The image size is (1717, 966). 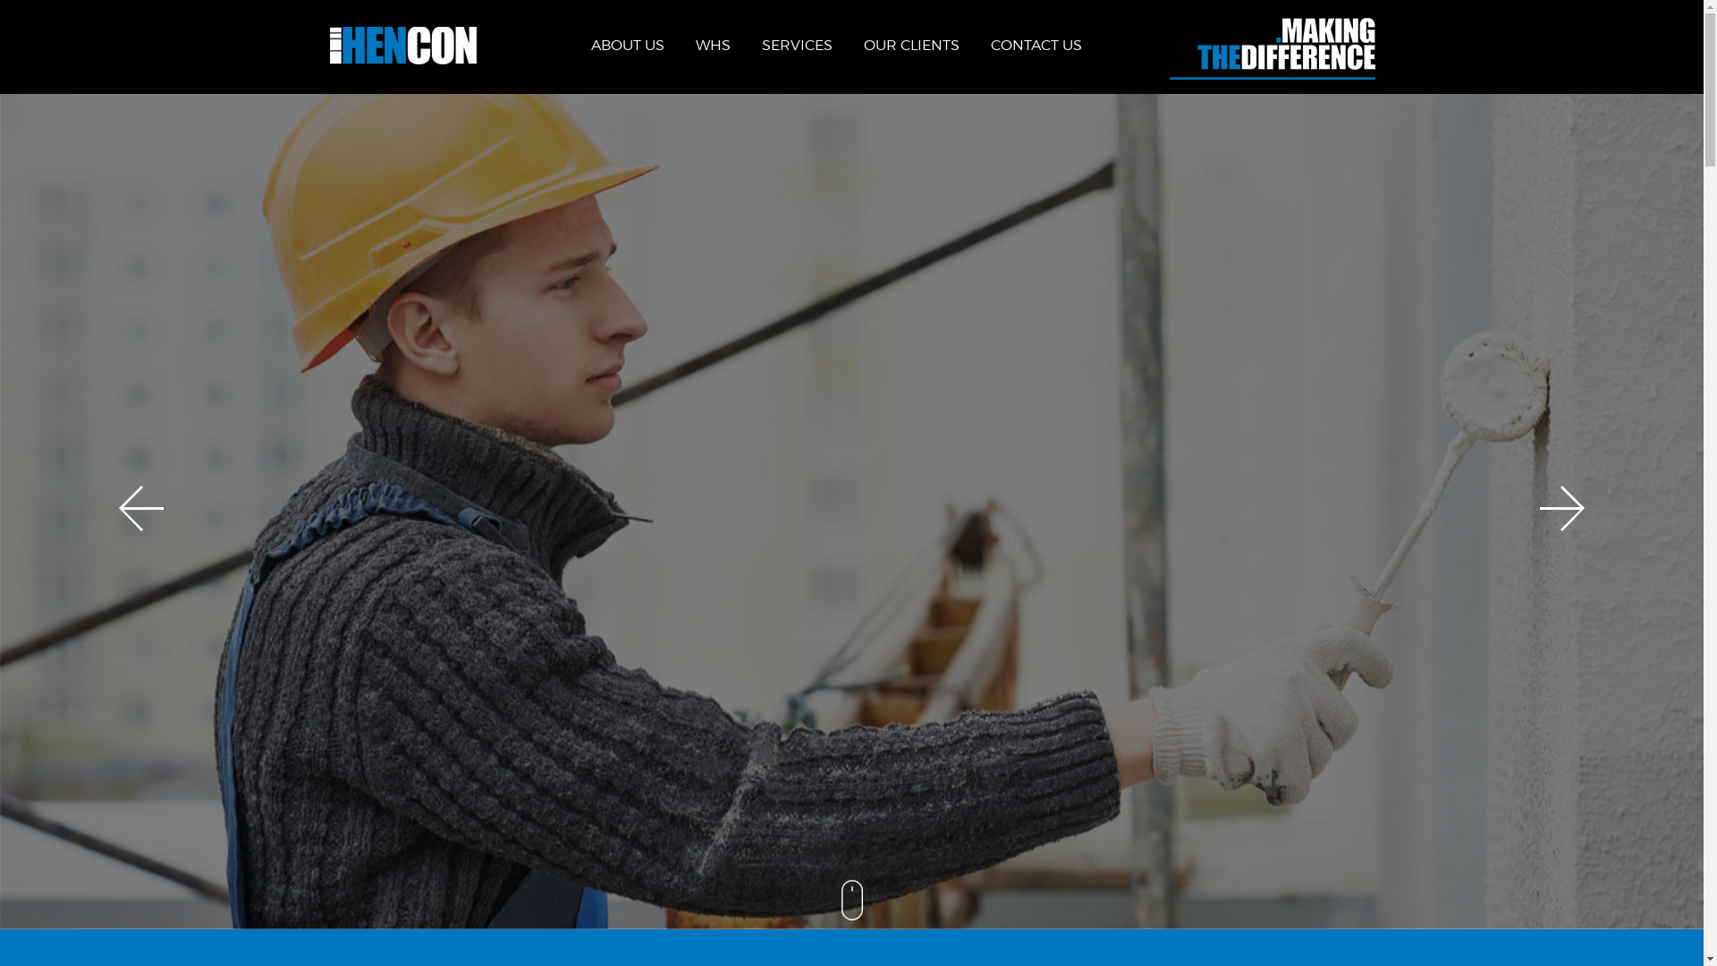 I want to click on 'ABOUT US', so click(x=626, y=44).